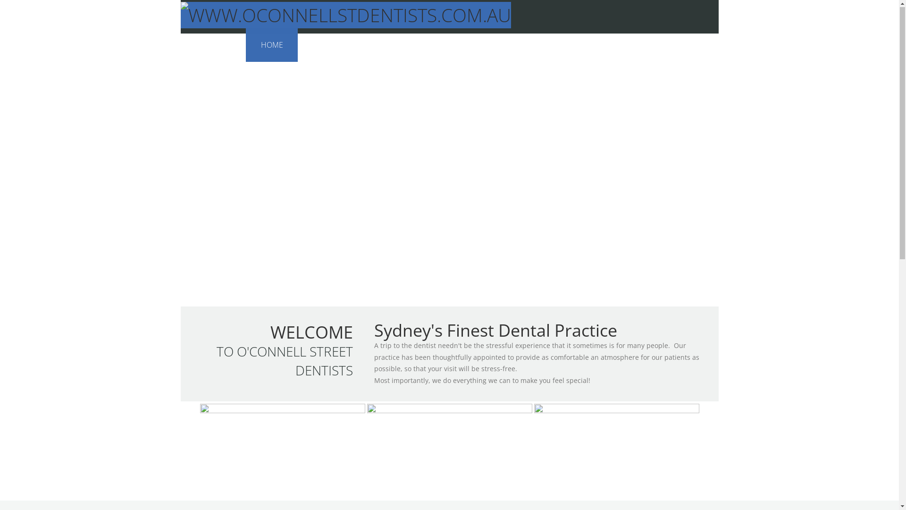  What do you see at coordinates (375, 45) in the screenshot?
I see `'WHY CHOOSE US'` at bounding box center [375, 45].